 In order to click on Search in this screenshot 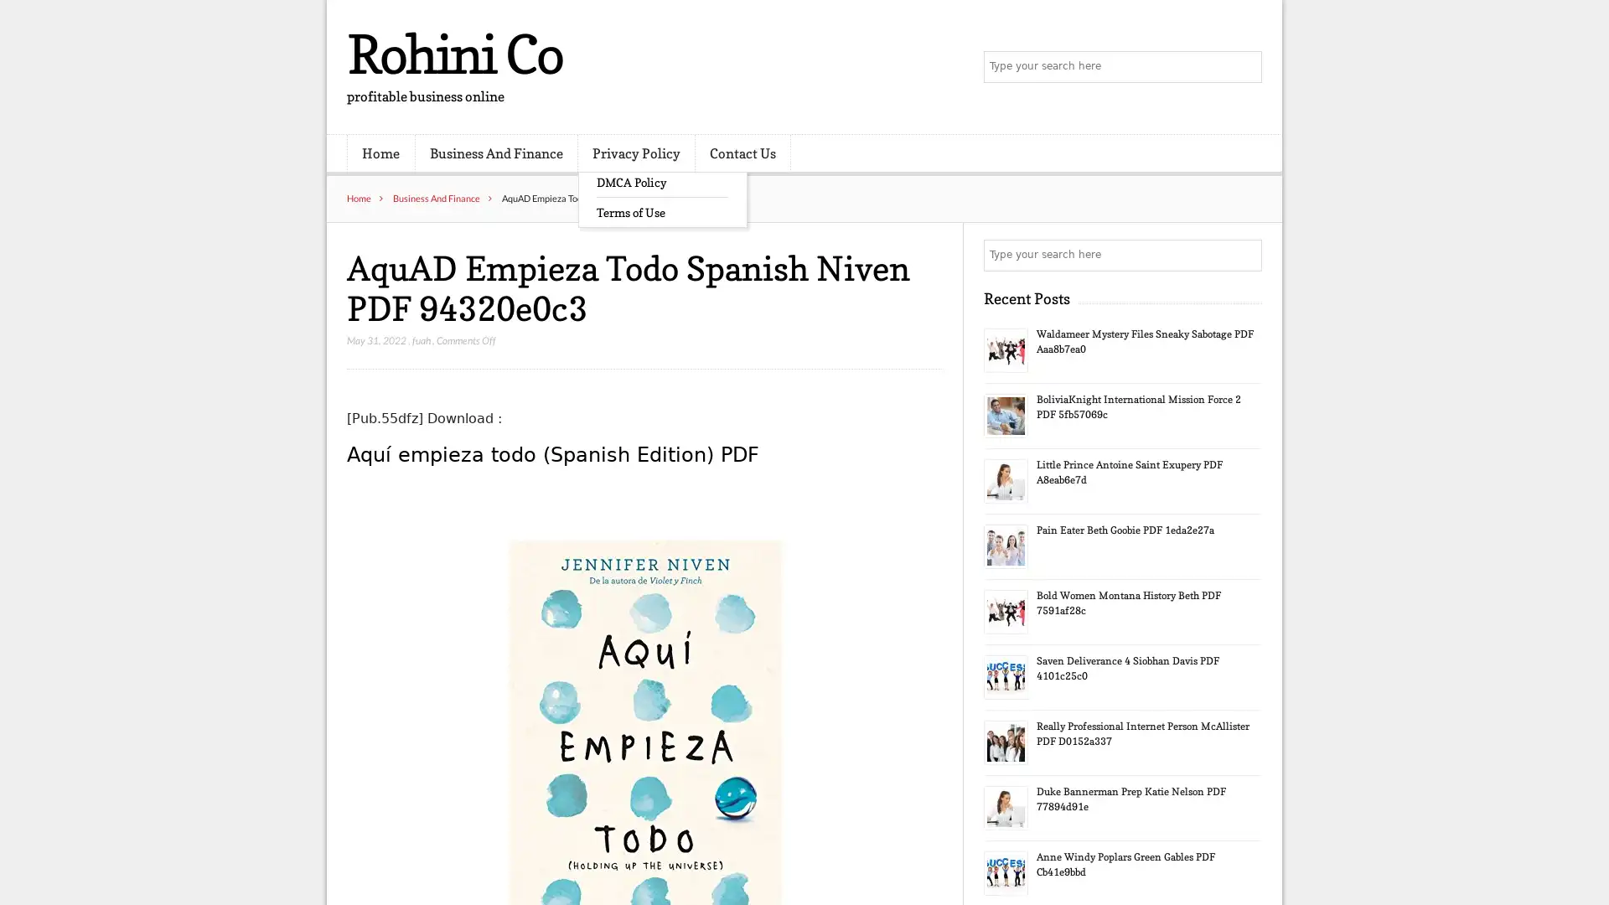, I will do `click(1244, 67)`.